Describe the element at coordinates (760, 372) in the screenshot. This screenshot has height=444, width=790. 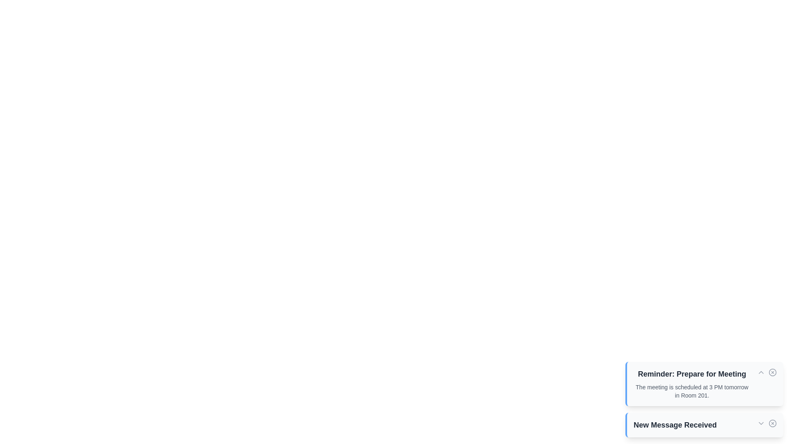
I see `expand button of the notification to reveal its details` at that location.